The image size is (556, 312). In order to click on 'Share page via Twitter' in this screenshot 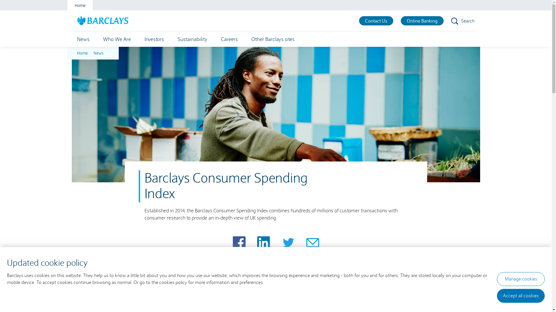, I will do `click(282, 243)`.